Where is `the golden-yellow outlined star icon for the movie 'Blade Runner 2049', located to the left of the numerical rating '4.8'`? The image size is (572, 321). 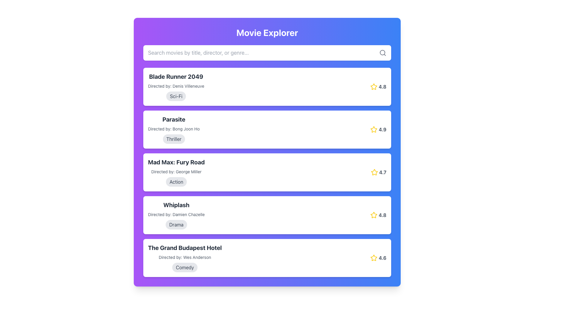
the golden-yellow outlined star icon for the movie 'Blade Runner 2049', located to the left of the numerical rating '4.8' is located at coordinates (374, 87).